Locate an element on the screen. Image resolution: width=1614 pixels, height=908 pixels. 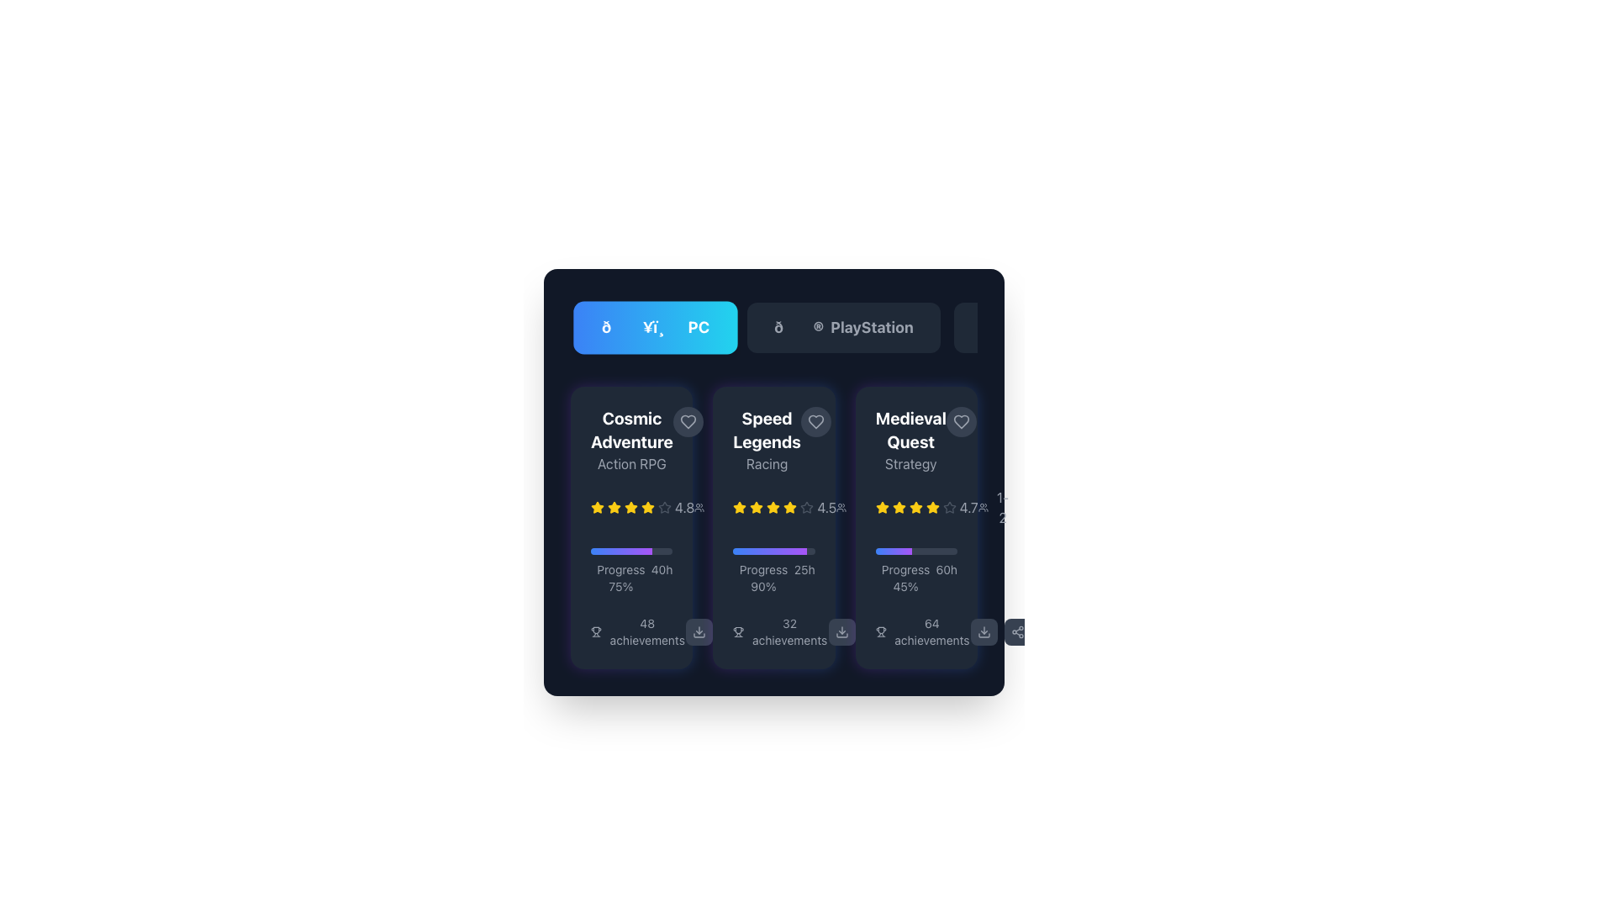
the static text label displaying the user's progress percentage, located in the bottom section of the third card, below the progress bar and next to '60h' is located at coordinates (905, 577).